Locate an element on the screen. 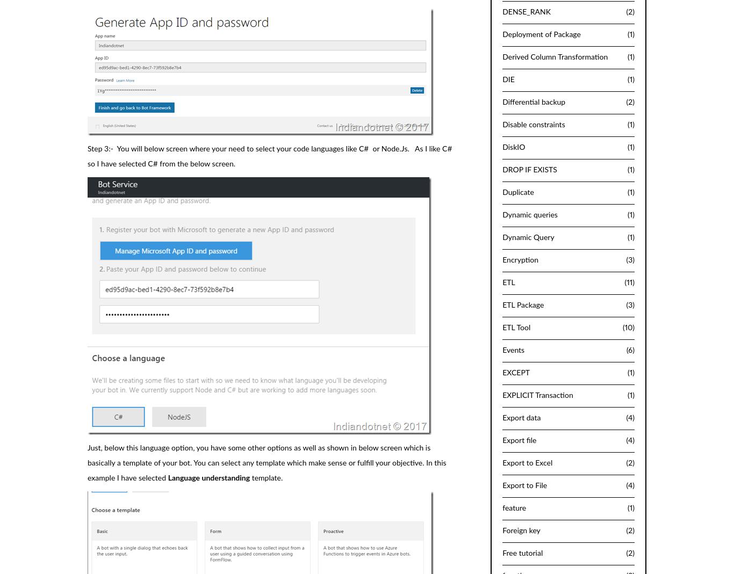 This screenshot has height=574, width=734. 'Language understanding' is located at coordinates (208, 477).